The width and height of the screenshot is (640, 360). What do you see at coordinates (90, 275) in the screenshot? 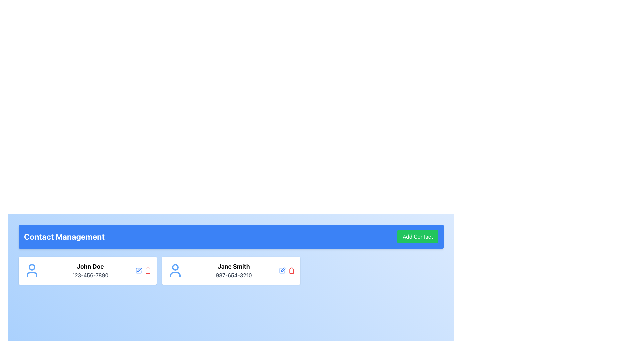
I see `the static Text Label displaying the phone number for the contact entry named 'John Doe', which is positioned immediately below the 'John Doe' label in the 'Contact Management' section` at bounding box center [90, 275].